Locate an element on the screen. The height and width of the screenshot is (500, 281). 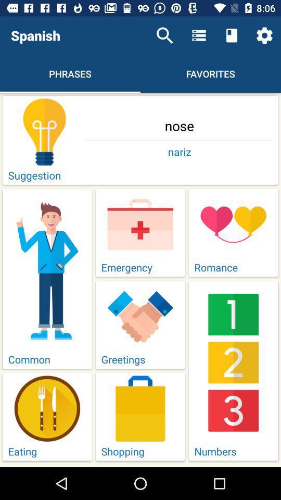
the item above nose is located at coordinates (164, 35).